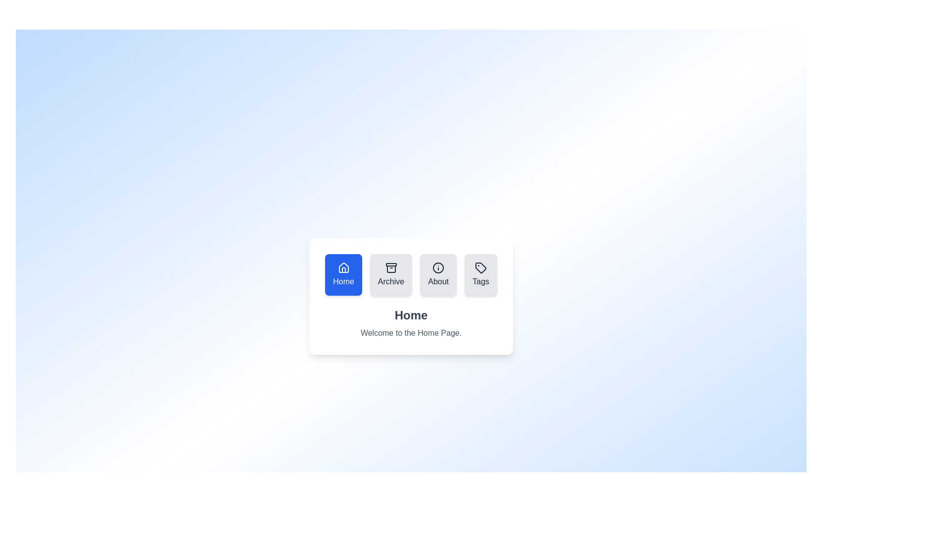 The width and height of the screenshot is (950, 534). Describe the element at coordinates (390, 274) in the screenshot. I see `the Archive tab by clicking on its button` at that location.